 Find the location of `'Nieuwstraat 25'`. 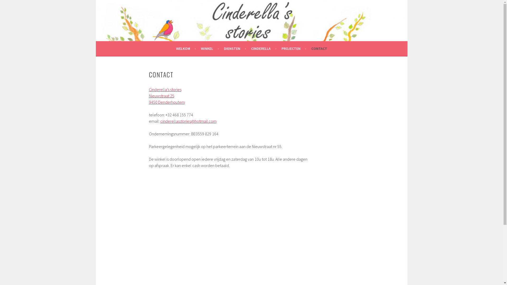

'Nieuwstraat 25' is located at coordinates (149, 96).